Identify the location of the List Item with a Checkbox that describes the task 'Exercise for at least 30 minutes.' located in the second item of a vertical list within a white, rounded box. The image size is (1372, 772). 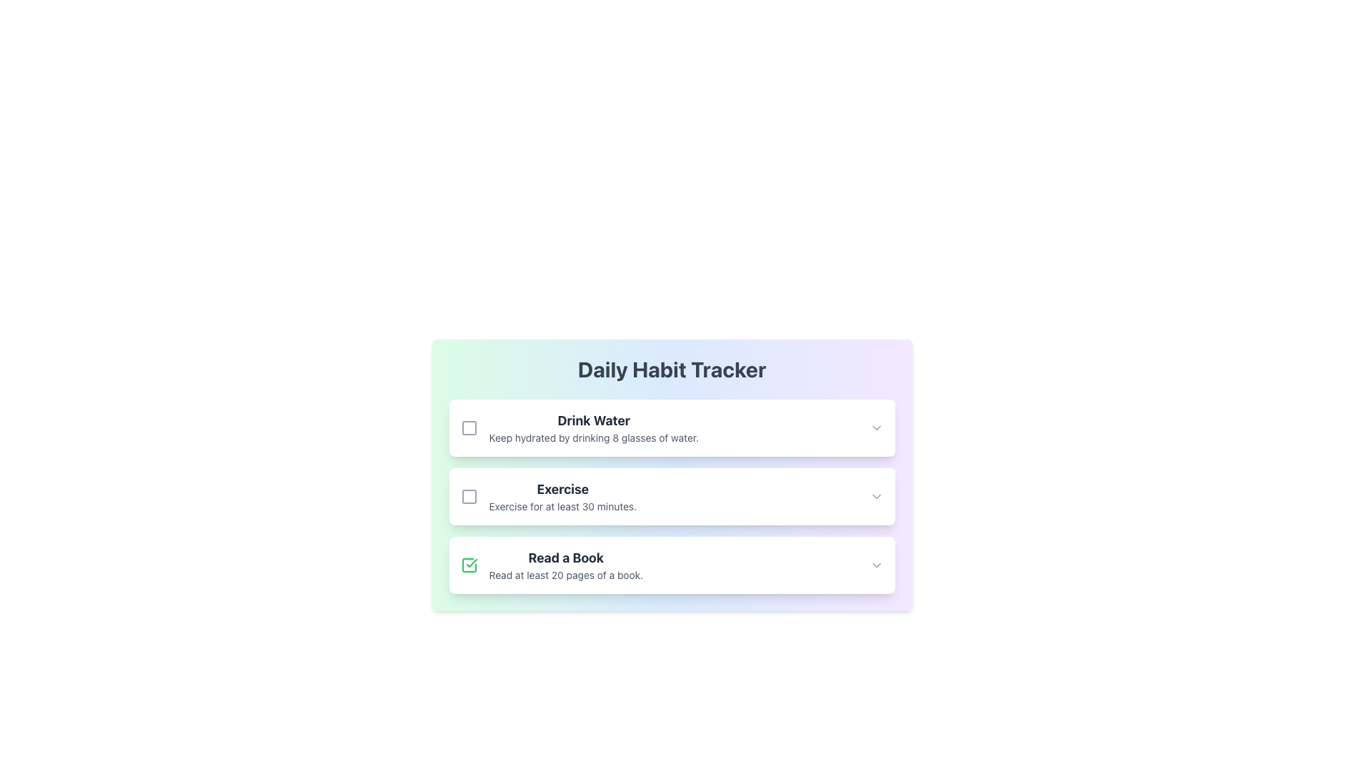
(547, 495).